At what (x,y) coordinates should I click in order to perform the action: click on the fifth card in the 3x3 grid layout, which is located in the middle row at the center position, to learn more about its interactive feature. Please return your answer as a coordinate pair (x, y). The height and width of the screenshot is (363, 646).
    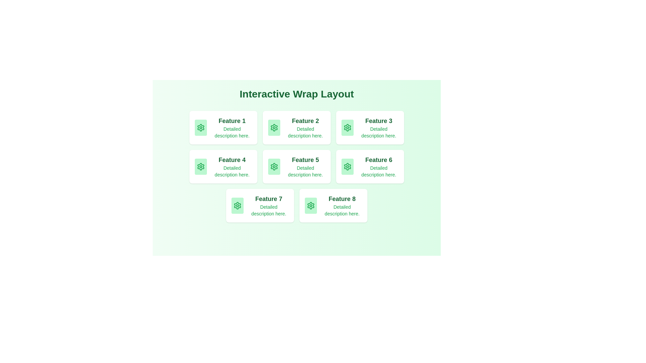
    Looking at the image, I should click on (296, 166).